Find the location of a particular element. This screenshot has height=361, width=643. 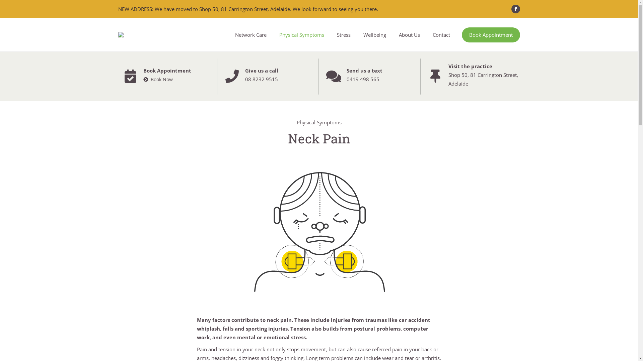

'Network Care' is located at coordinates (250, 34).